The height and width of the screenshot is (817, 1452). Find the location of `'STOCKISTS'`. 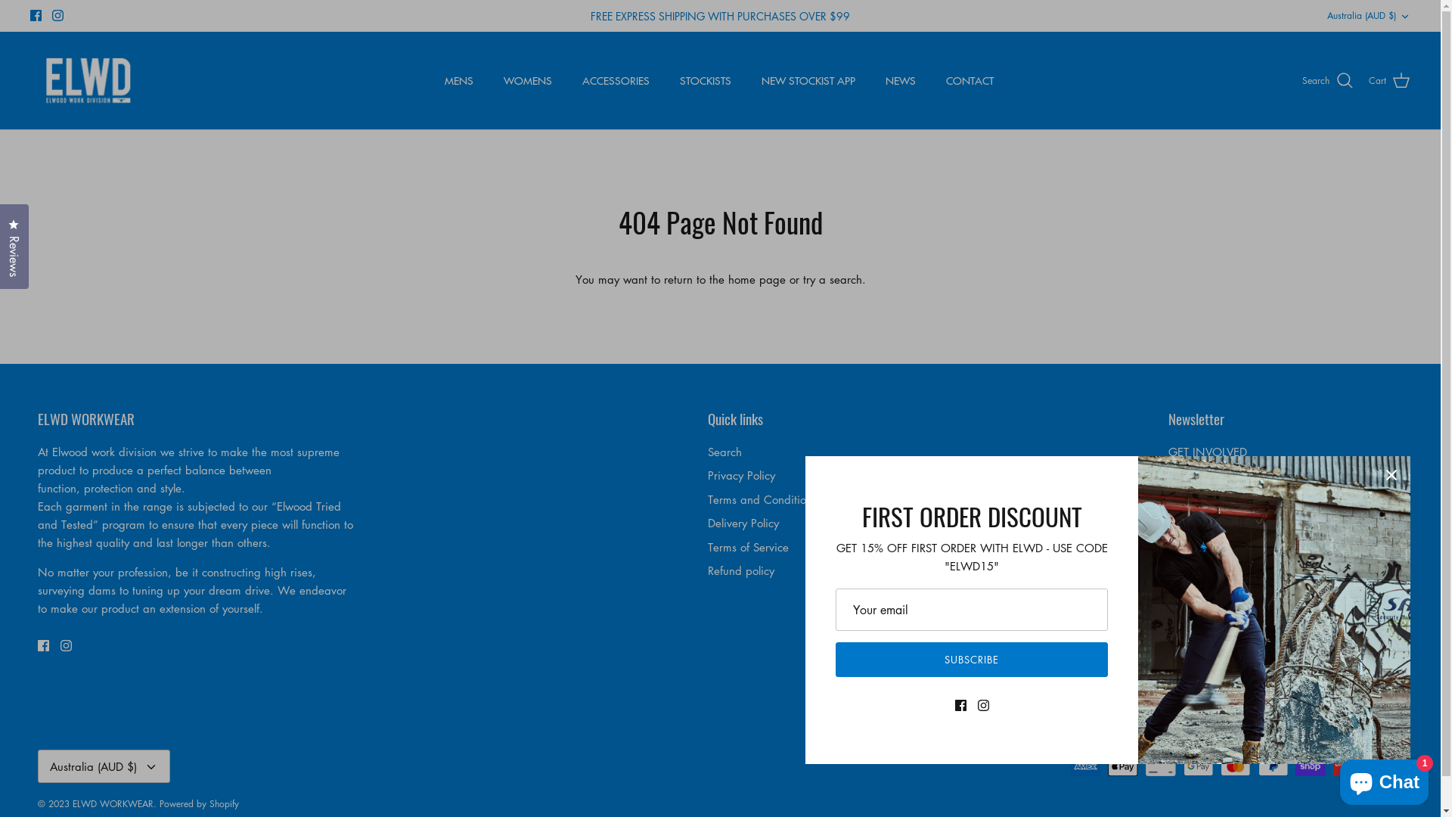

'STOCKISTS' is located at coordinates (704, 80).